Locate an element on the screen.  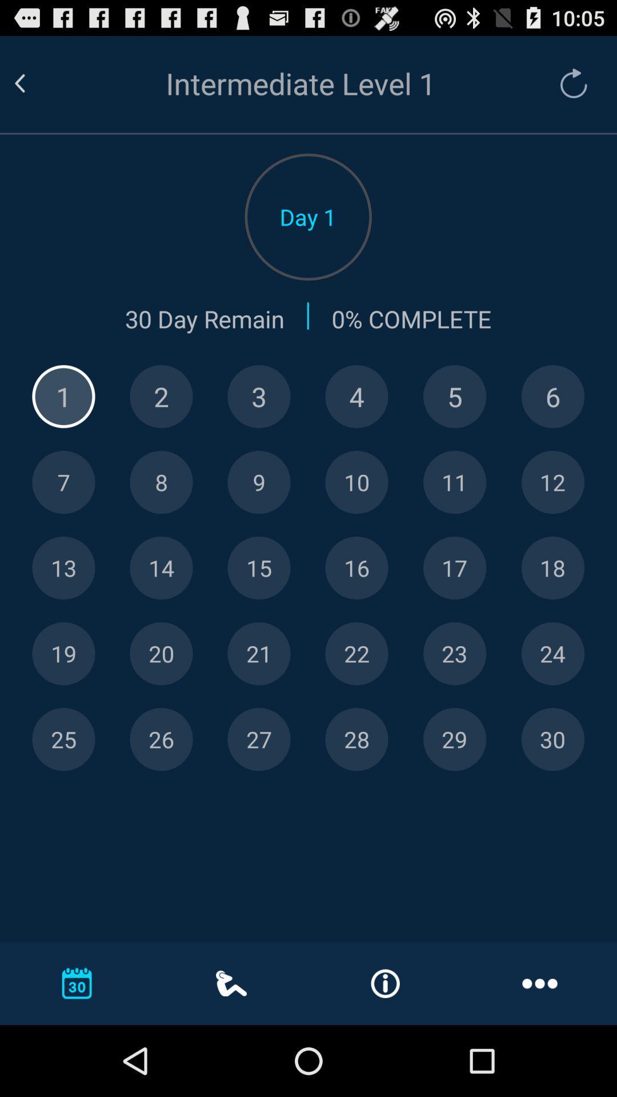
day is located at coordinates (259, 654).